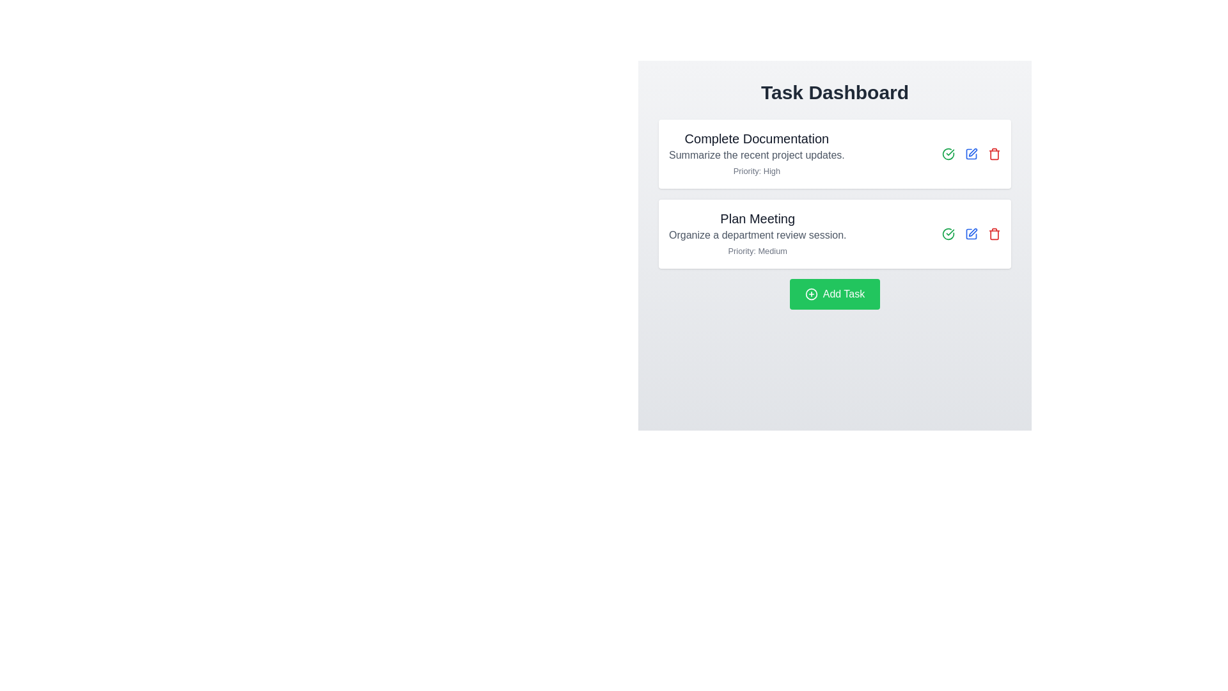 This screenshot has height=691, width=1228. Describe the element at coordinates (994, 234) in the screenshot. I see `the trash bin icon, which is the last button in a group of action buttons for a task` at that location.